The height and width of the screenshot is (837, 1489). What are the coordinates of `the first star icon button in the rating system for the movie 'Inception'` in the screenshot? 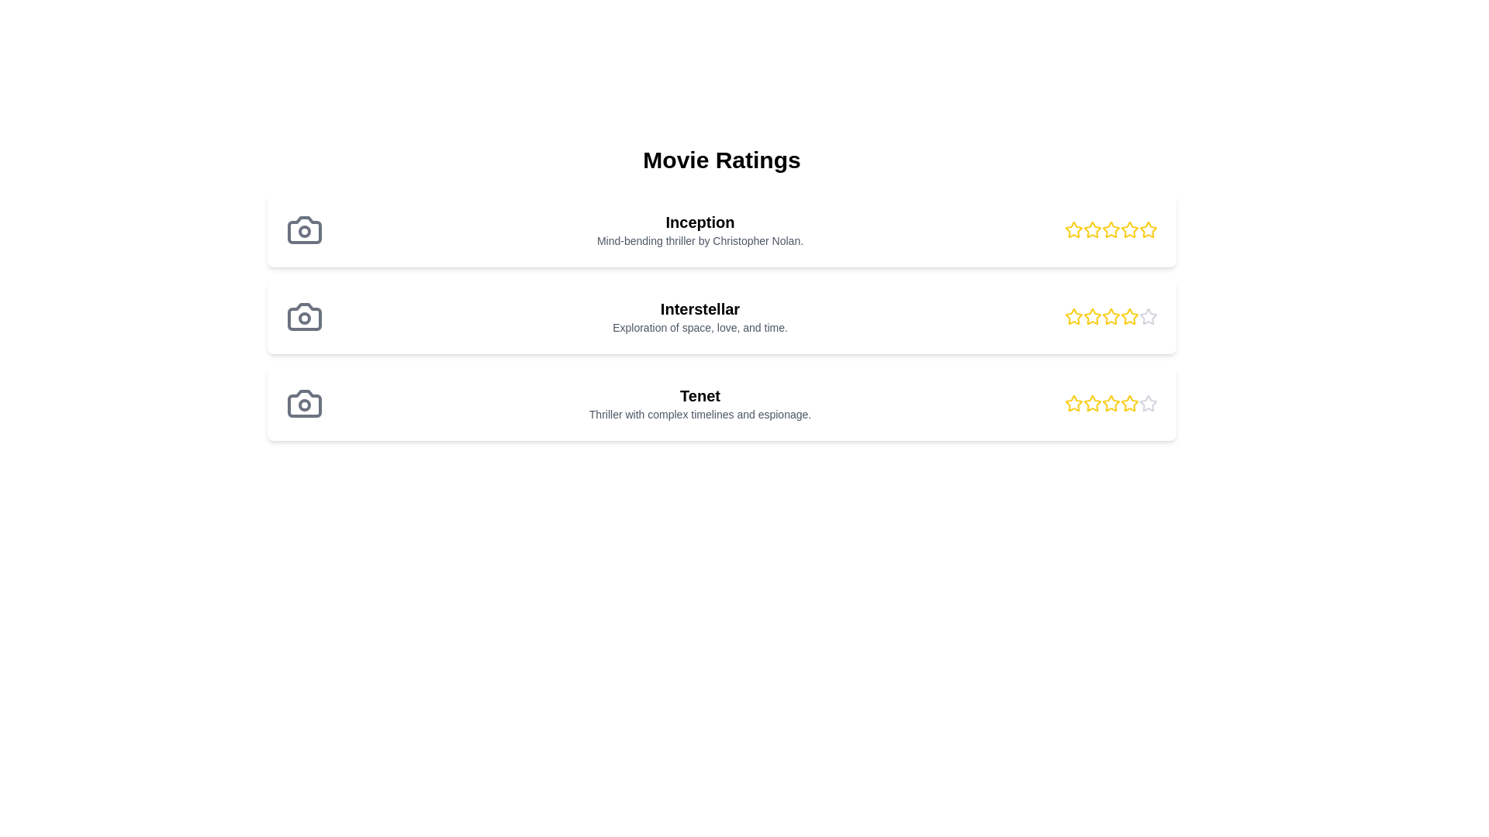 It's located at (1073, 230).